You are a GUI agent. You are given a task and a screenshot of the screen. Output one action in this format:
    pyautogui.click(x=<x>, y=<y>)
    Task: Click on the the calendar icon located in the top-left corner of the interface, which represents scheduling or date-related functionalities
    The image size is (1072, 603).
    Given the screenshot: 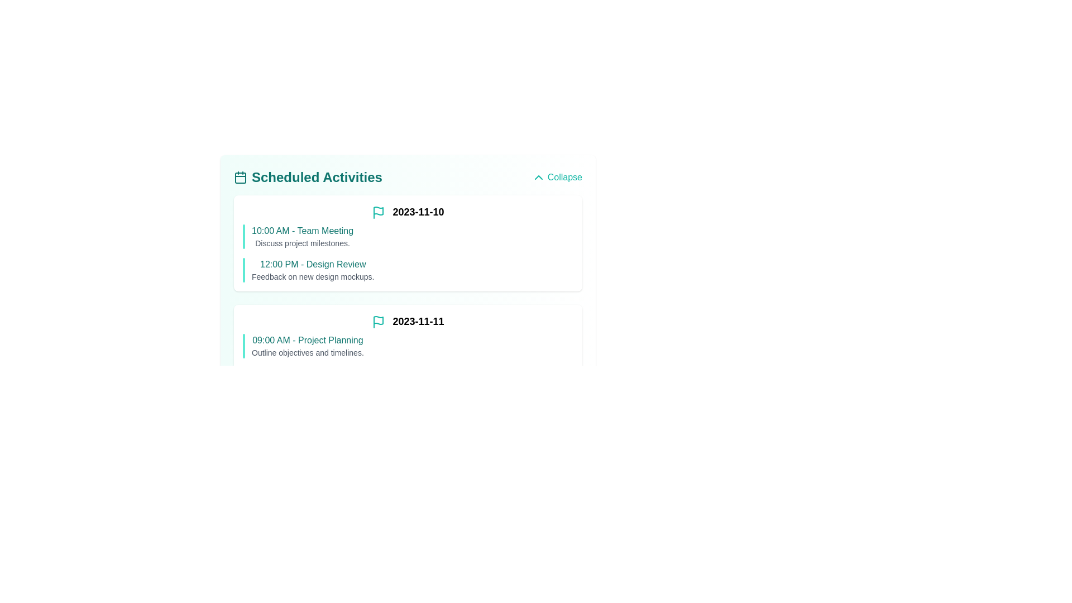 What is the action you would take?
    pyautogui.click(x=240, y=178)
    